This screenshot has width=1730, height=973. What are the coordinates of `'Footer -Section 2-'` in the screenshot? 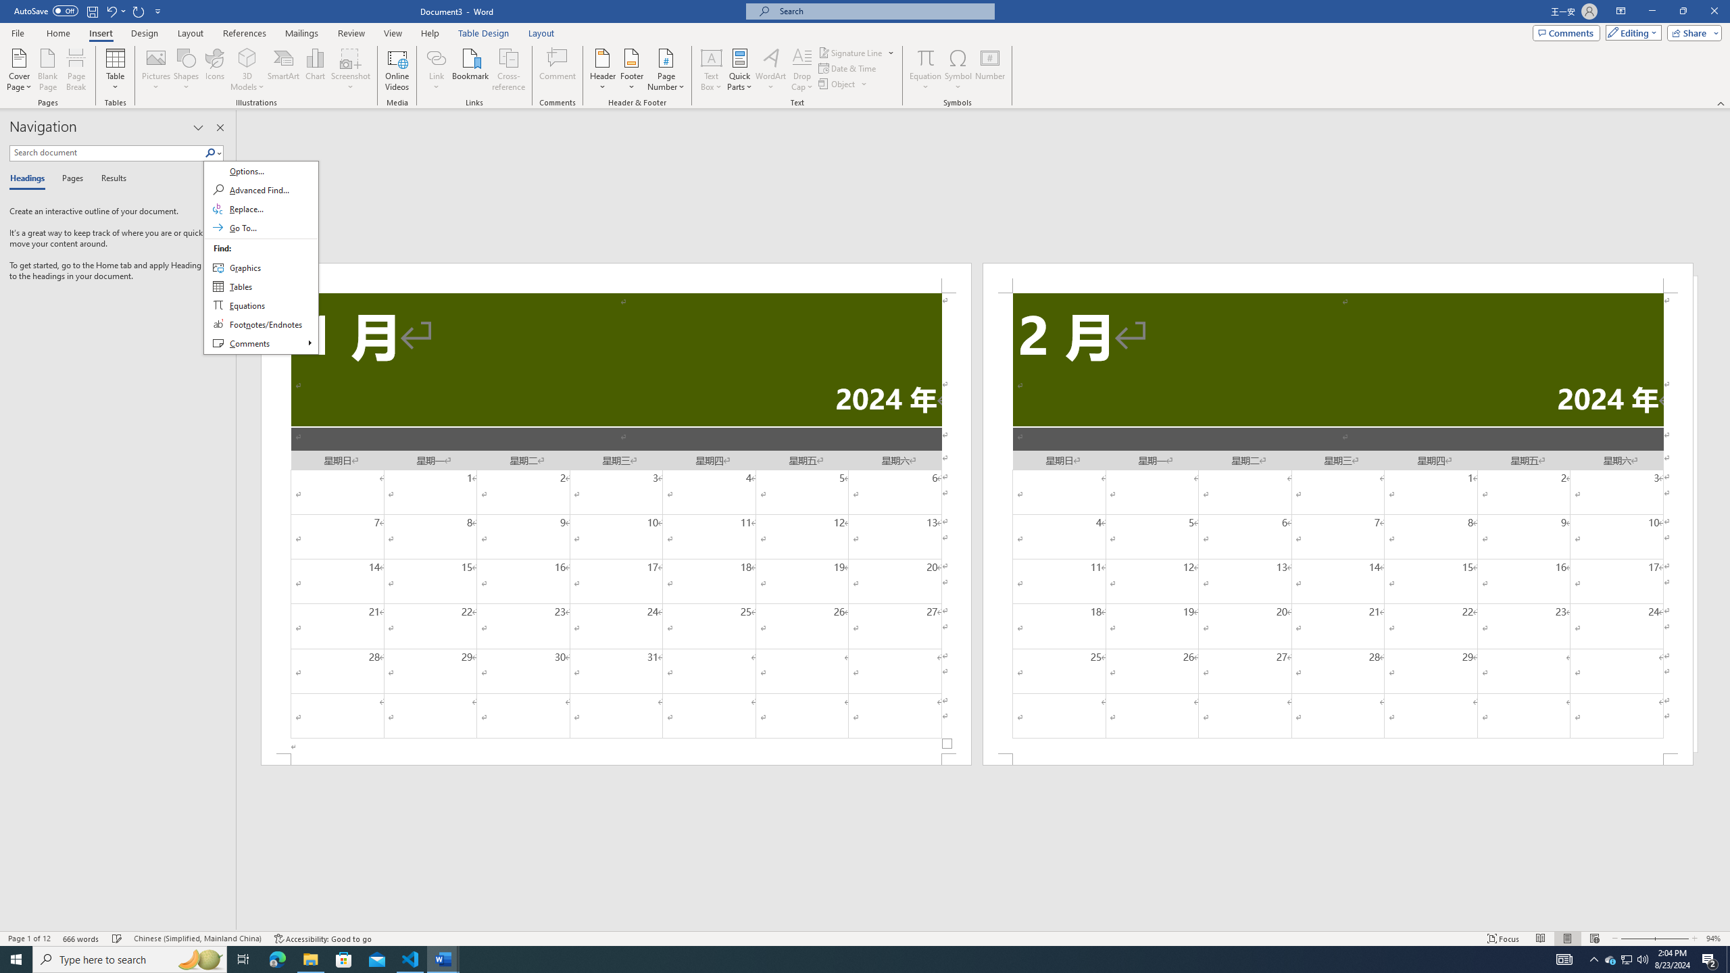 It's located at (1338, 758).